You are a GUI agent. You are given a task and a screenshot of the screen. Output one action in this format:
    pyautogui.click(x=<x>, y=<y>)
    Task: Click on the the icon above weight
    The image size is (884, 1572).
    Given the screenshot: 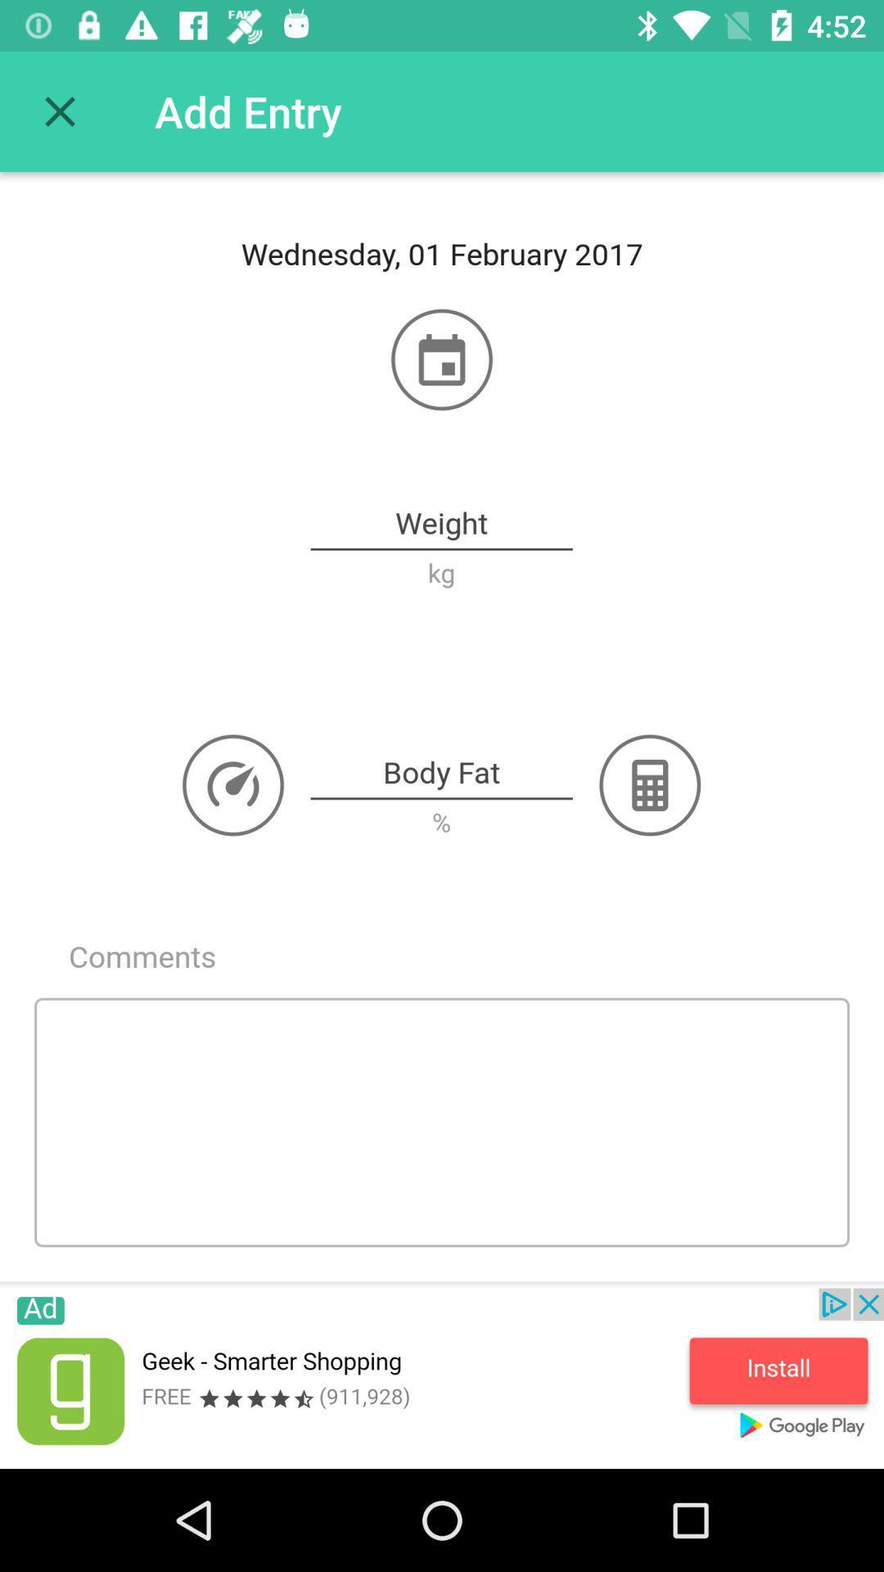 What is the action you would take?
    pyautogui.click(x=442, y=359)
    